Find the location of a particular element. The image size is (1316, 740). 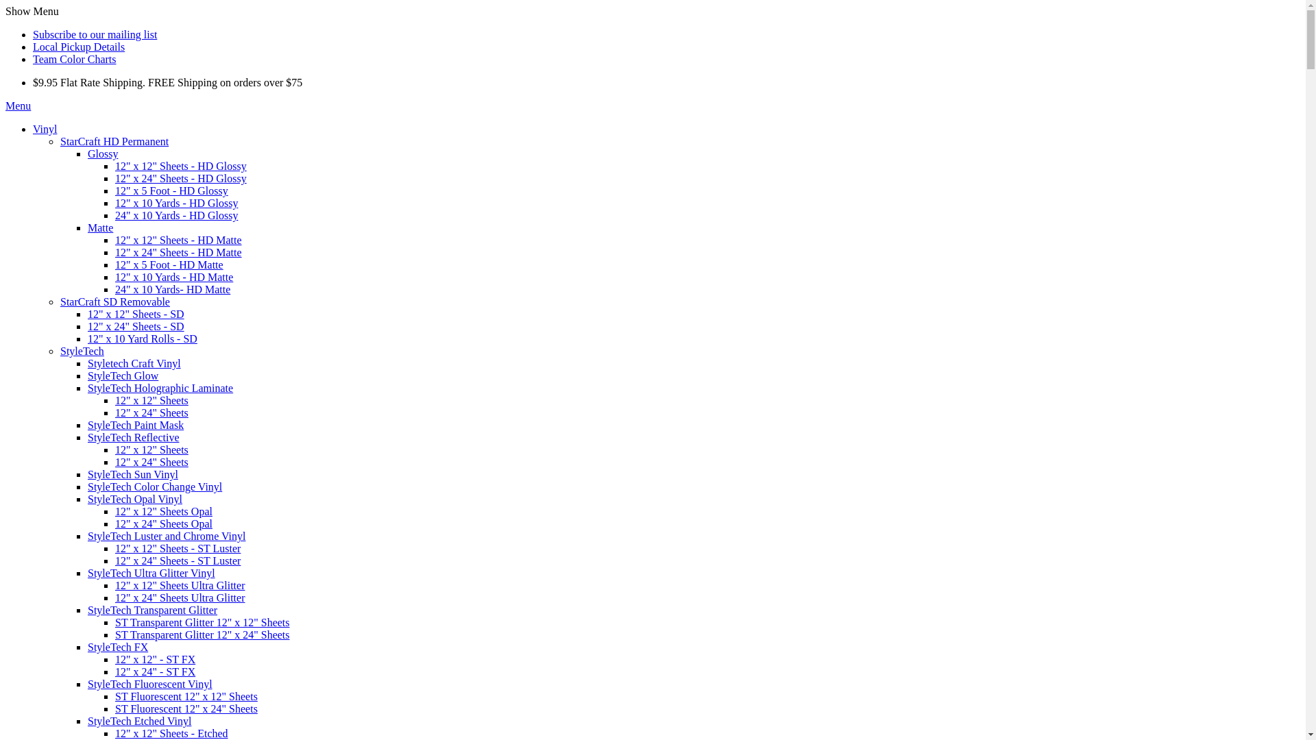

'24" x 10 Yards- HD Matte' is located at coordinates (171, 288).